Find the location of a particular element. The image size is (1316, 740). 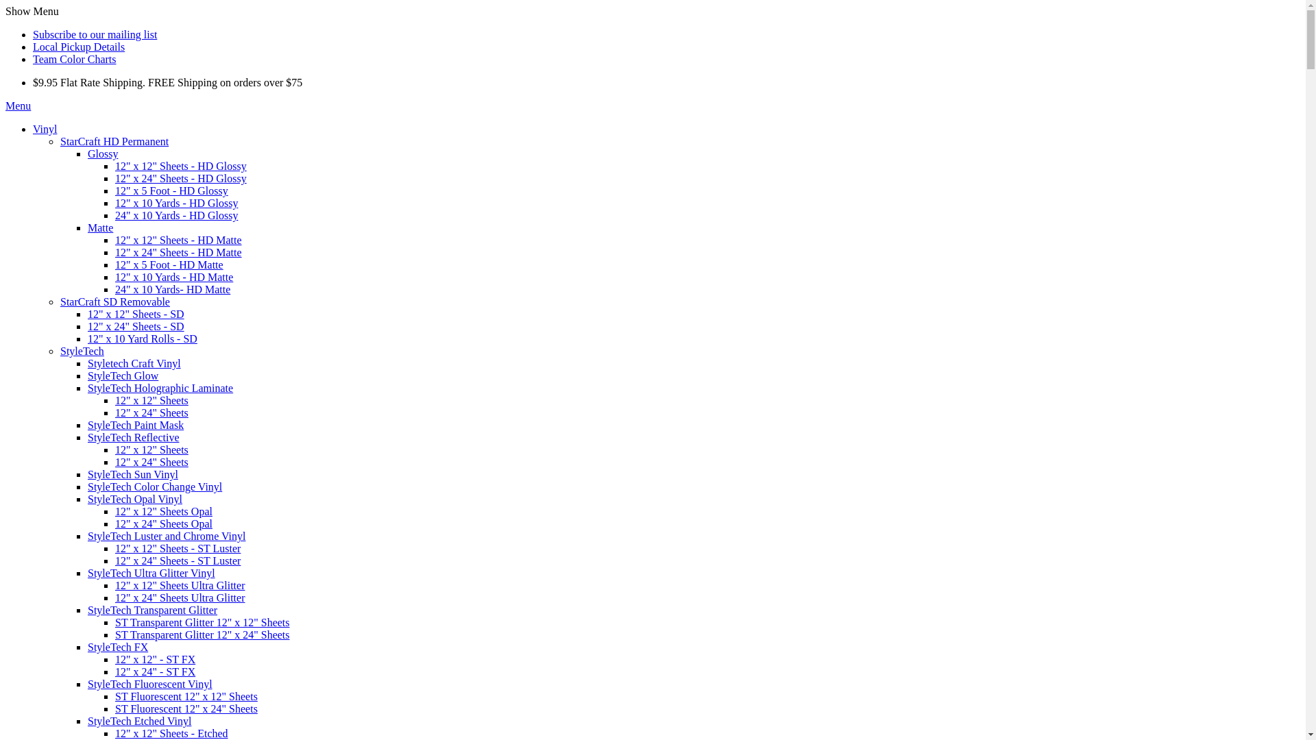

'24" x 10 Yards- HD Matte' is located at coordinates (171, 288).